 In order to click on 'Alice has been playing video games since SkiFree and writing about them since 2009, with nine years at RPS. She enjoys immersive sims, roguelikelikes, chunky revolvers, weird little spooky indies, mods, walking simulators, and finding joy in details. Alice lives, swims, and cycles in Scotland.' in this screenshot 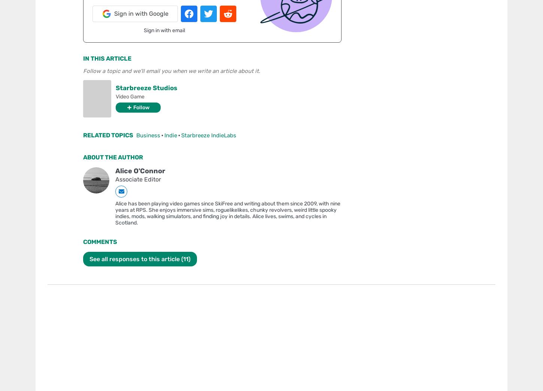, I will do `click(227, 213)`.